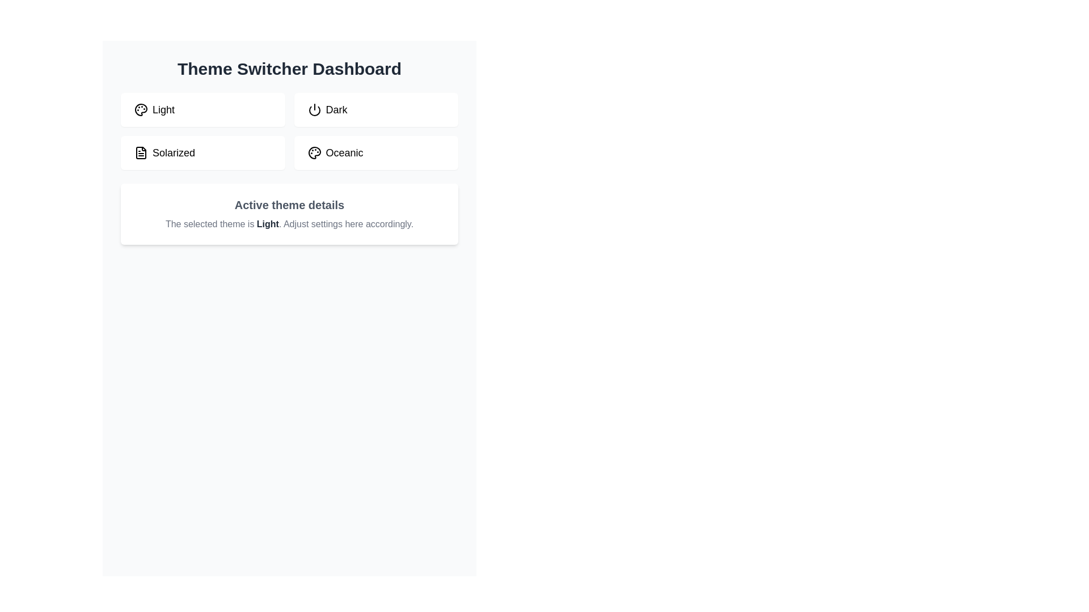 This screenshot has height=612, width=1089. What do you see at coordinates (267, 224) in the screenshot?
I see `the bold text label 'Light' indicating the current theme selected in the interface, located under the section titled 'Active theme details'` at bounding box center [267, 224].